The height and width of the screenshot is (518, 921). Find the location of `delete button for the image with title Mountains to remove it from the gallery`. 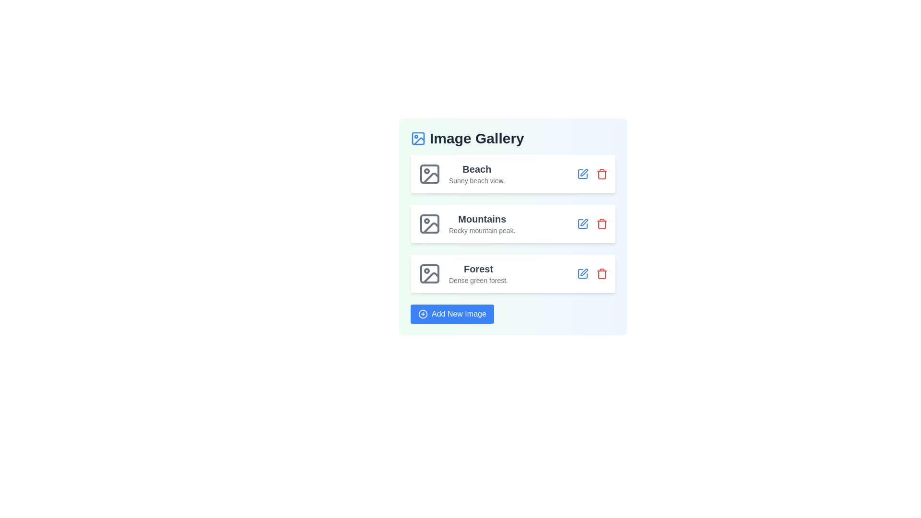

delete button for the image with title Mountains to remove it from the gallery is located at coordinates (601, 224).